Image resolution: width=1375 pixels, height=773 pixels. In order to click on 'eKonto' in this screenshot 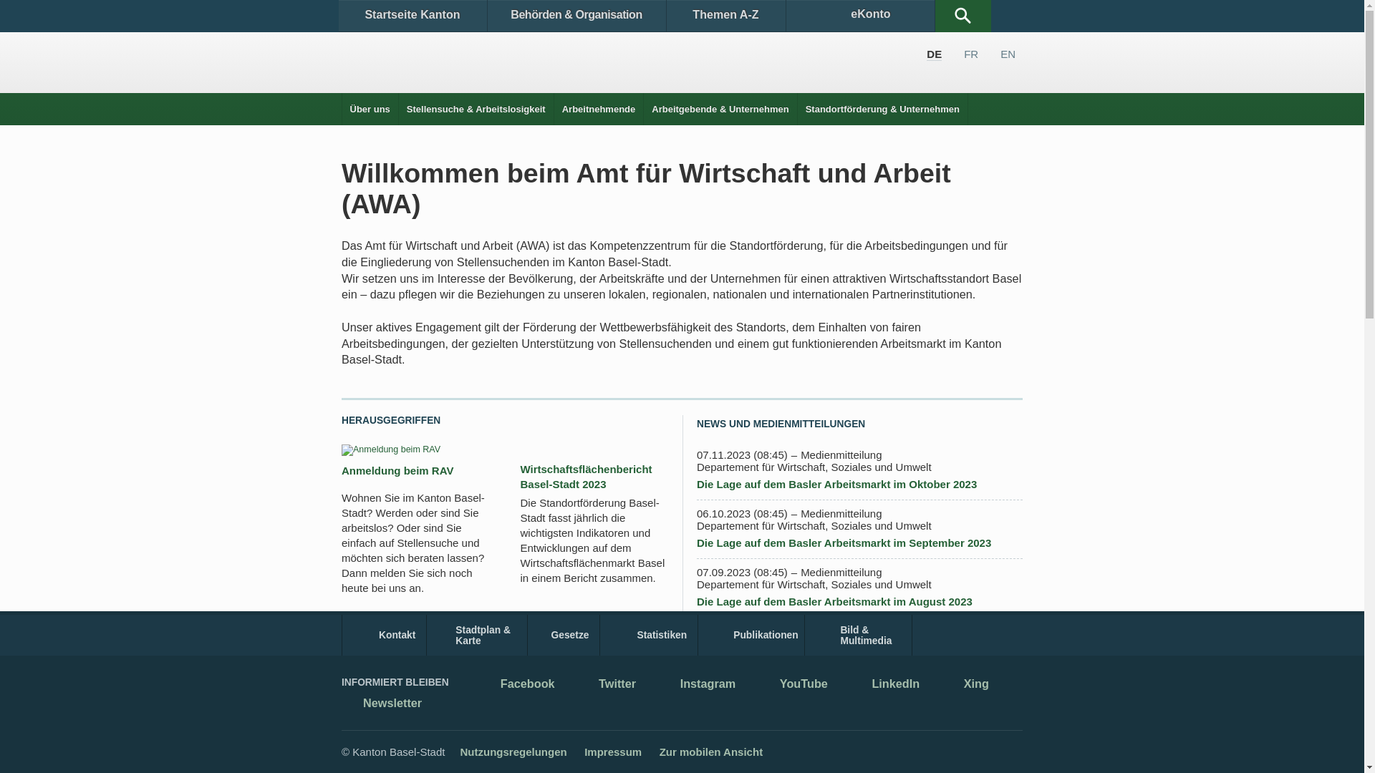, I will do `click(786, 16)`.